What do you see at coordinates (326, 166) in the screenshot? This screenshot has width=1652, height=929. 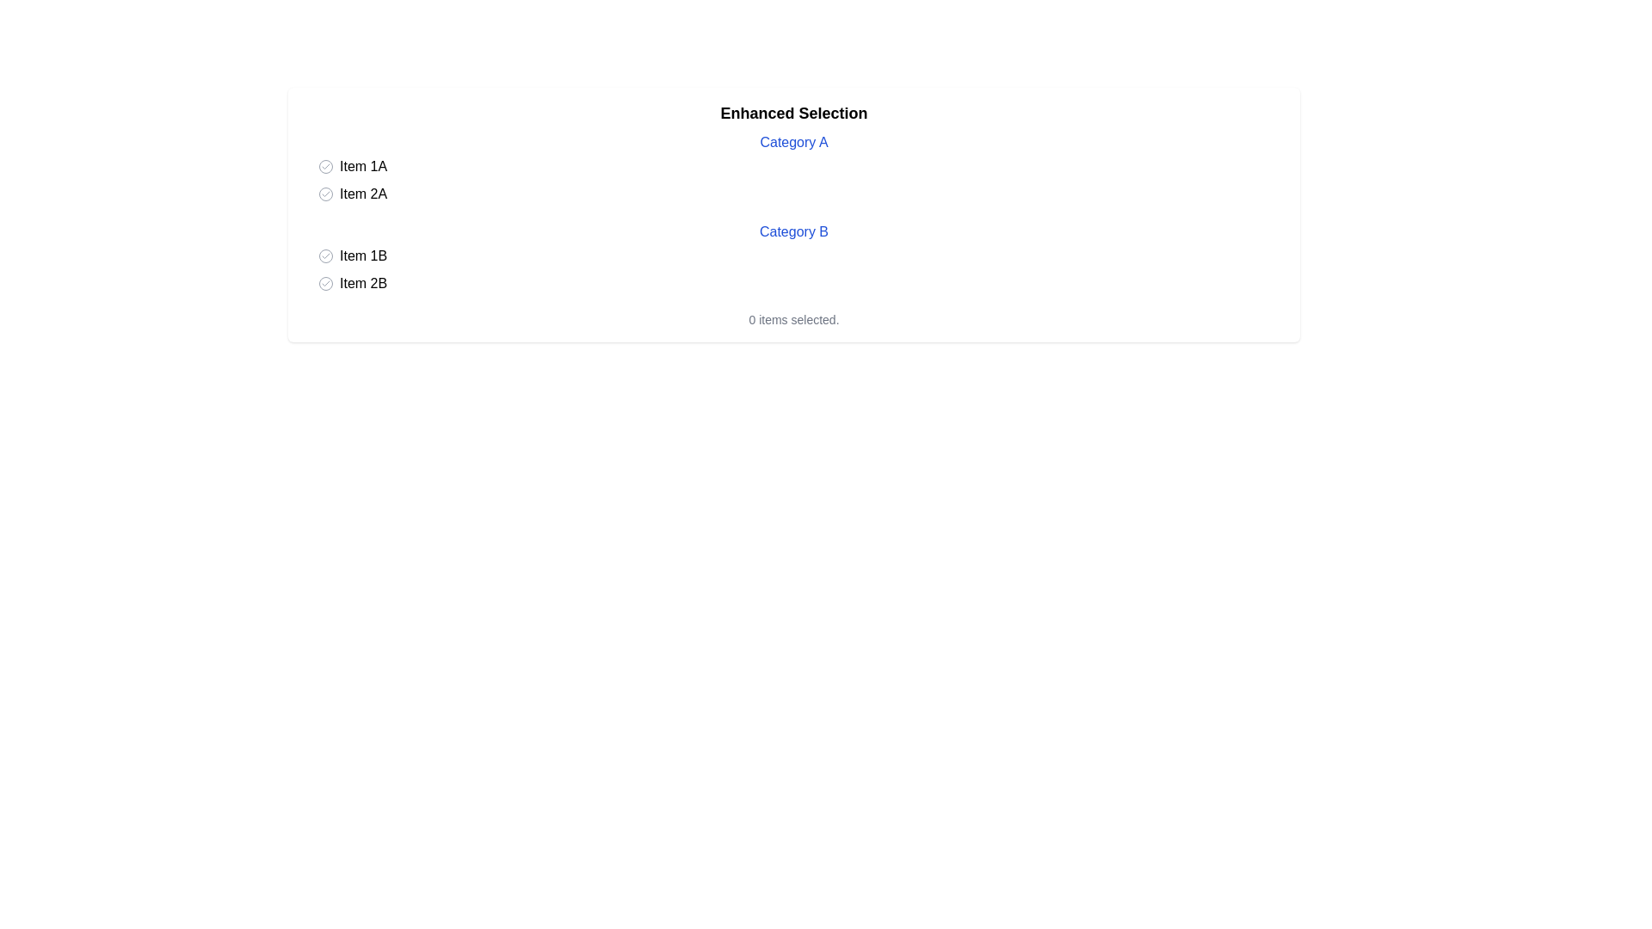 I see `the SVG Icon (Checkmark) indicating that 'Item 1A' is currently unchecked or inactive, which is positioned to the left of the text in Category A's first item` at bounding box center [326, 166].